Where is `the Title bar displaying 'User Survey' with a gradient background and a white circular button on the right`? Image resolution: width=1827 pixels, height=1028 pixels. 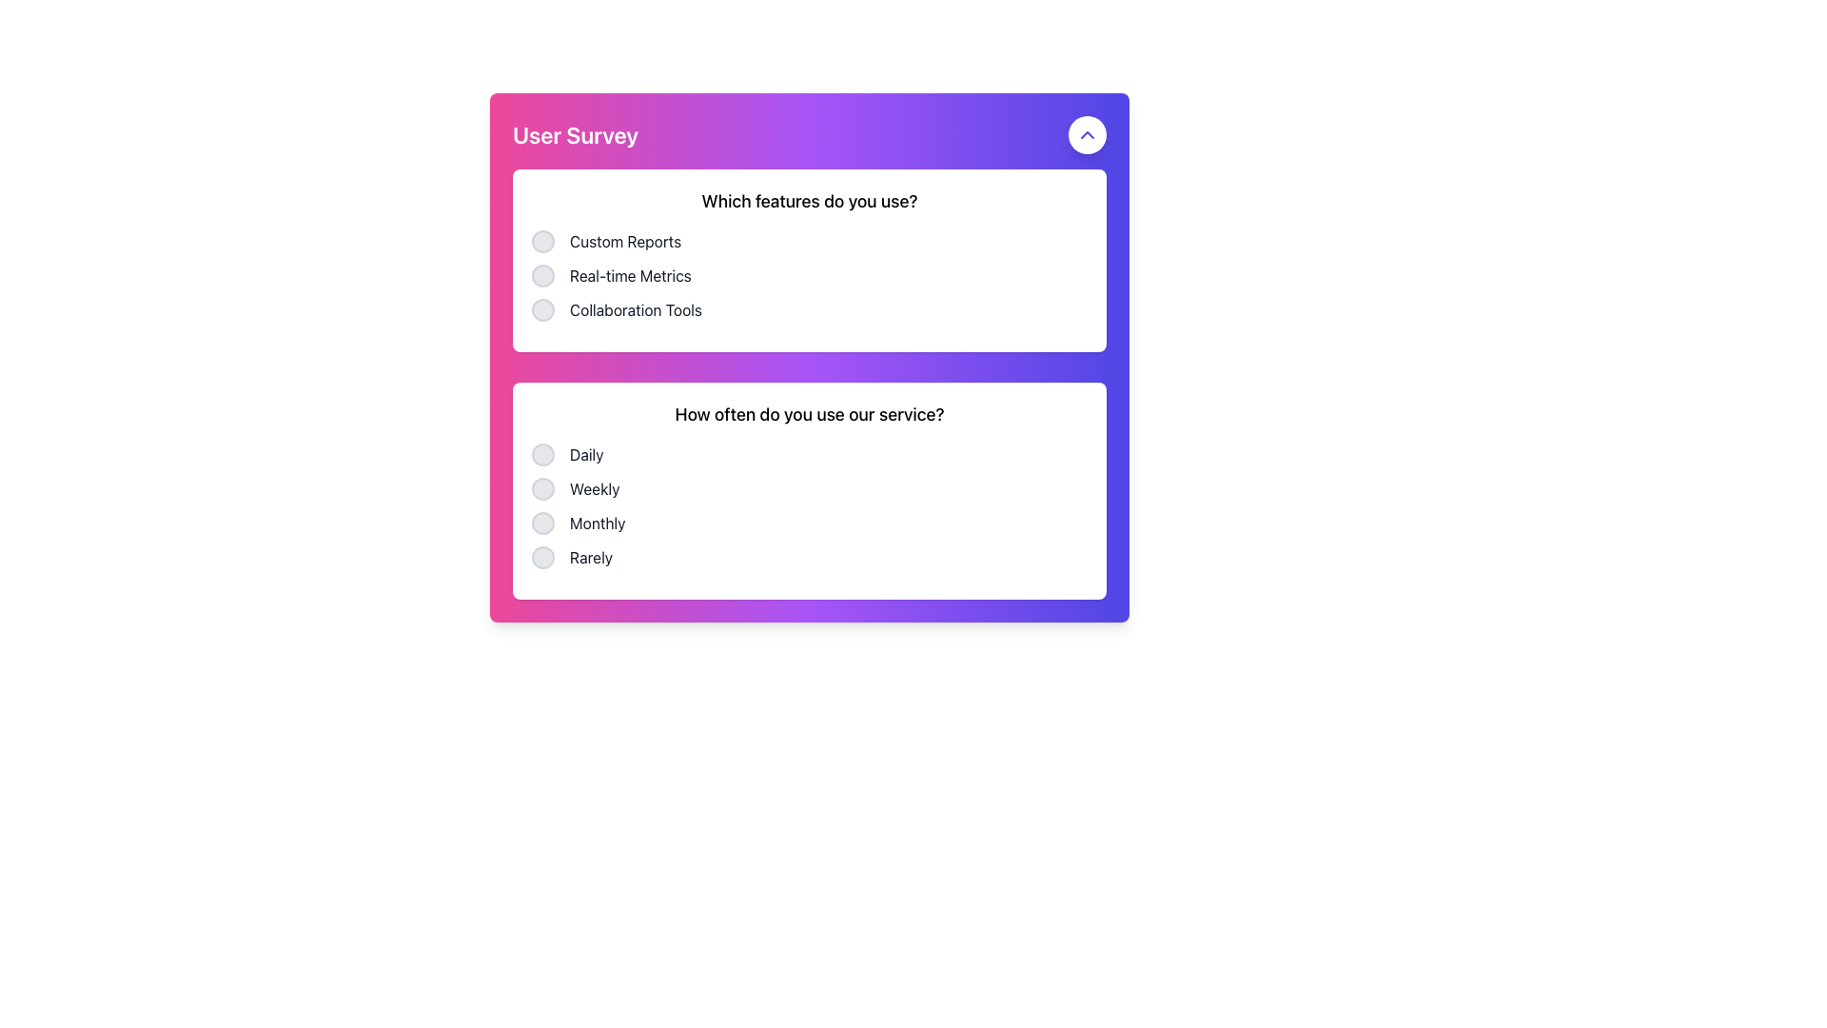 the Title bar displaying 'User Survey' with a gradient background and a white circular button on the right is located at coordinates (809, 134).